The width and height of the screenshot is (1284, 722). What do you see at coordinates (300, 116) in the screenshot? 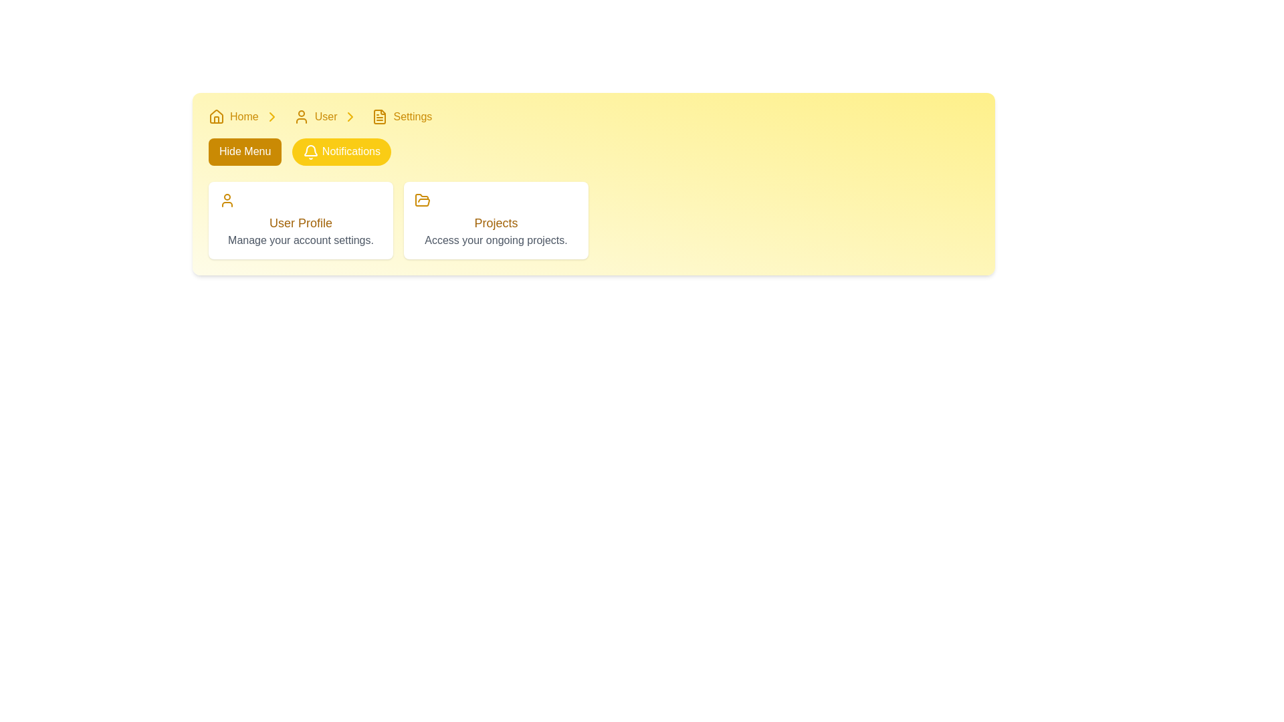
I see `the decorative navigation icon that symbolizes the 'User' section, located to the left of the 'User' text in the top-center of the interface` at bounding box center [300, 116].